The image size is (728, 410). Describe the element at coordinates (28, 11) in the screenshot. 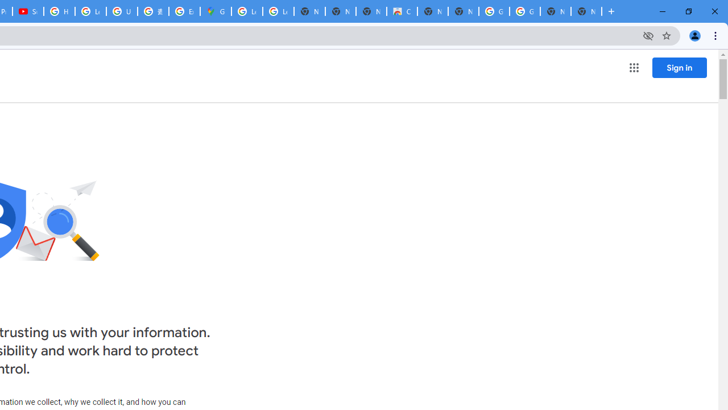

I see `'Subscriptions - YouTube'` at that location.